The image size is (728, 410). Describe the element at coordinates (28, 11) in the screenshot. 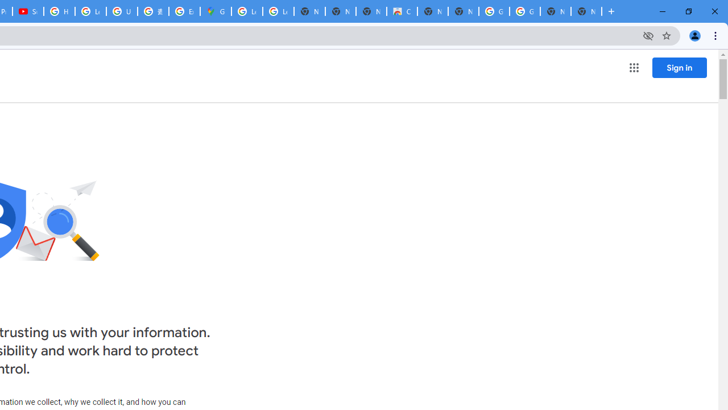

I see `'Subscriptions - YouTube'` at that location.